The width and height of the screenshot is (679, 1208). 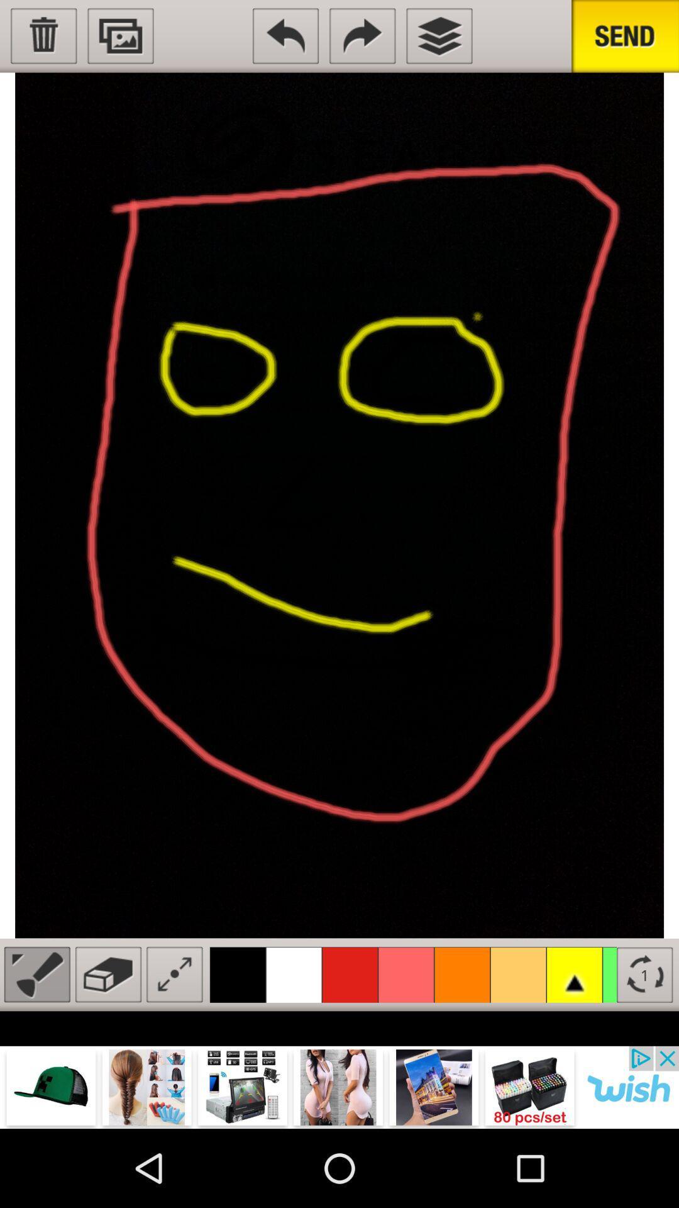 What do you see at coordinates (121, 36) in the screenshot?
I see `the wallpaper icon` at bounding box center [121, 36].